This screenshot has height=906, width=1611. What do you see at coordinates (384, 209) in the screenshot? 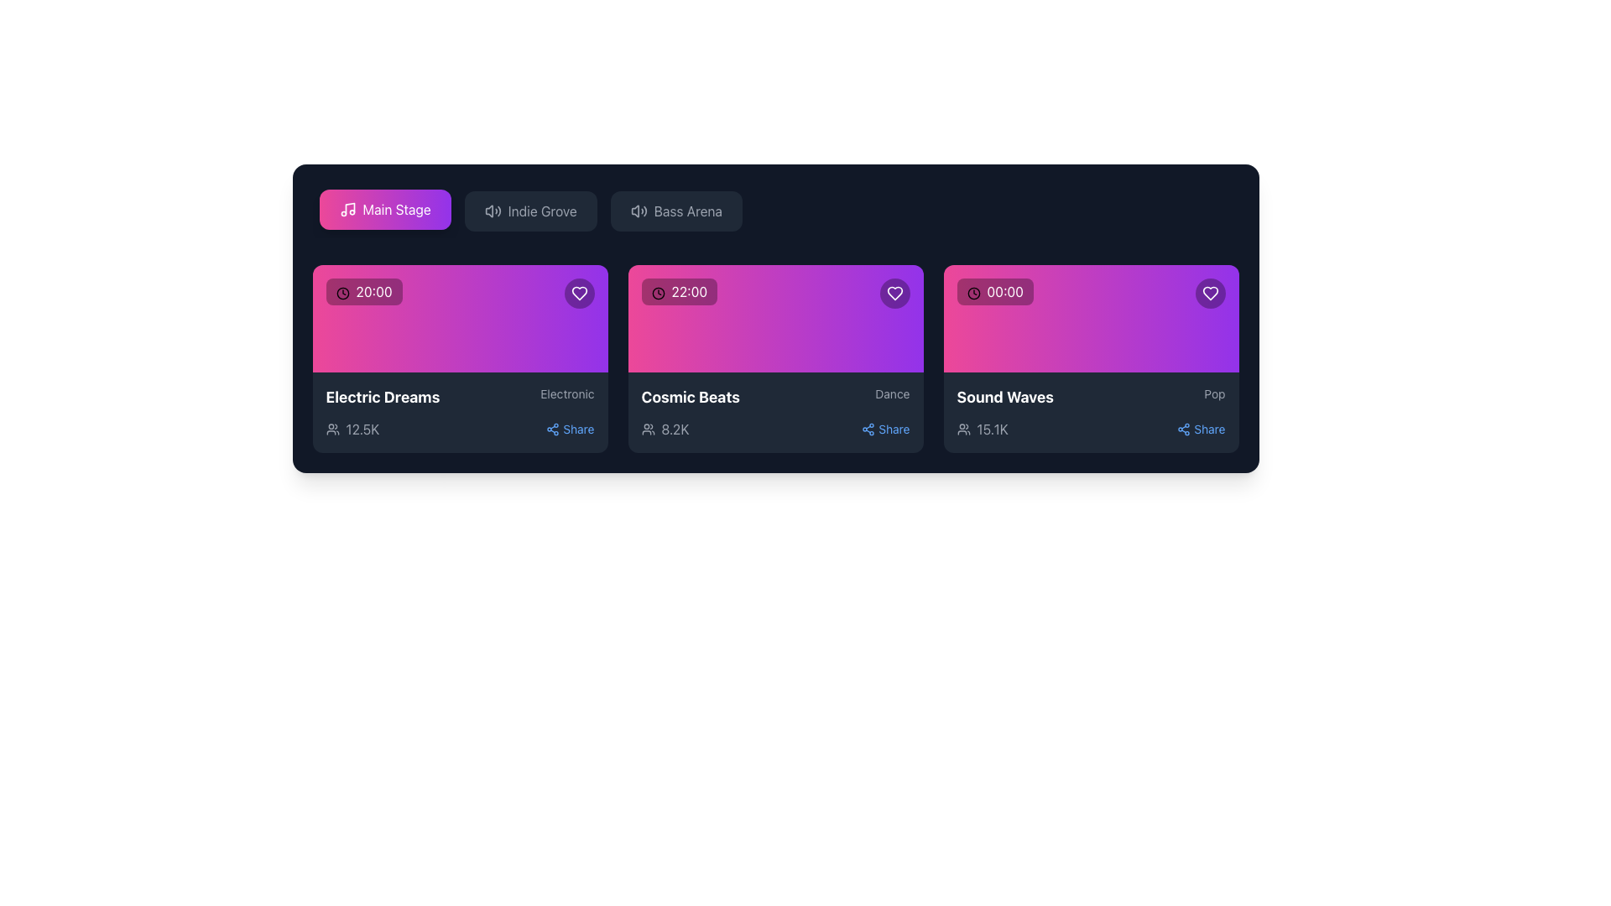
I see `the rounded rectangular button labeled 'Main Stage' with a white music note icon` at bounding box center [384, 209].